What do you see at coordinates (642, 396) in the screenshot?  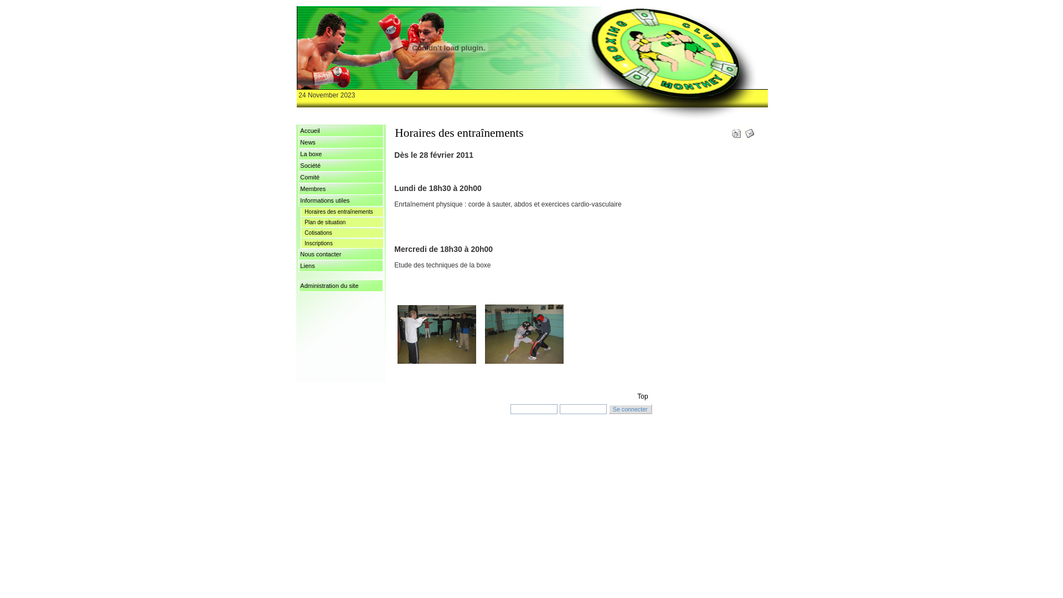 I see `'Top'` at bounding box center [642, 396].